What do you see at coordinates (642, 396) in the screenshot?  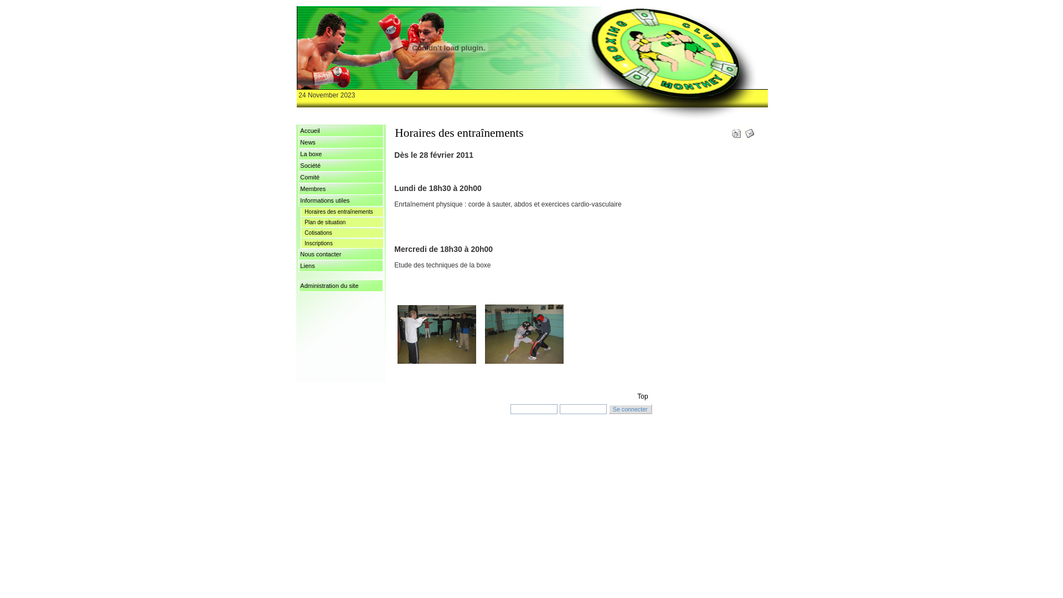 I see `'Top'` at bounding box center [642, 396].